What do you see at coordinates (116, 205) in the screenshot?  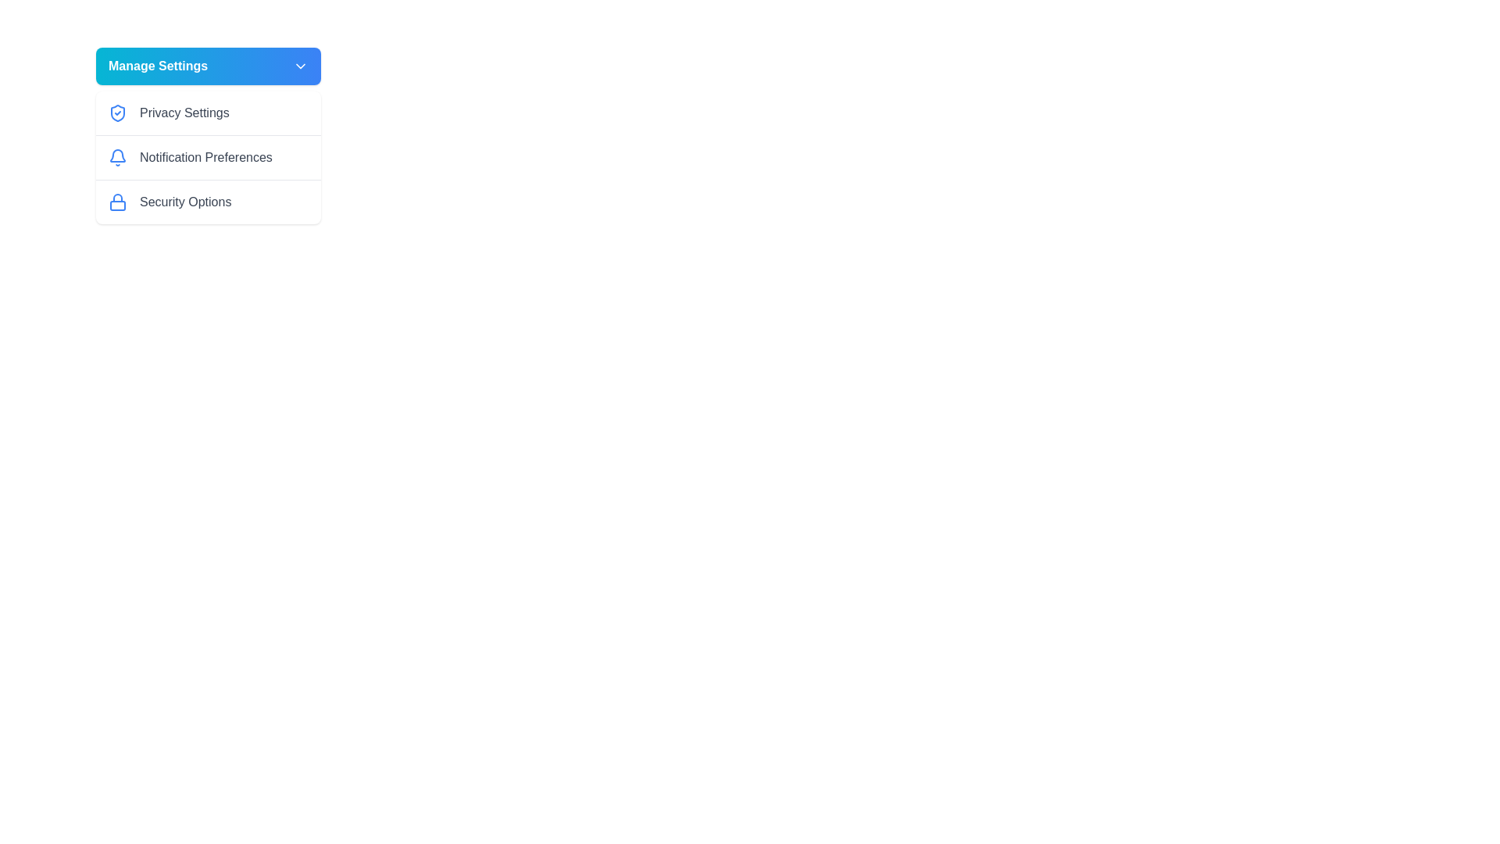 I see `the central part of the lock icon representing 'Security Options' in the 'Manage Settings' dropdown menu` at bounding box center [116, 205].